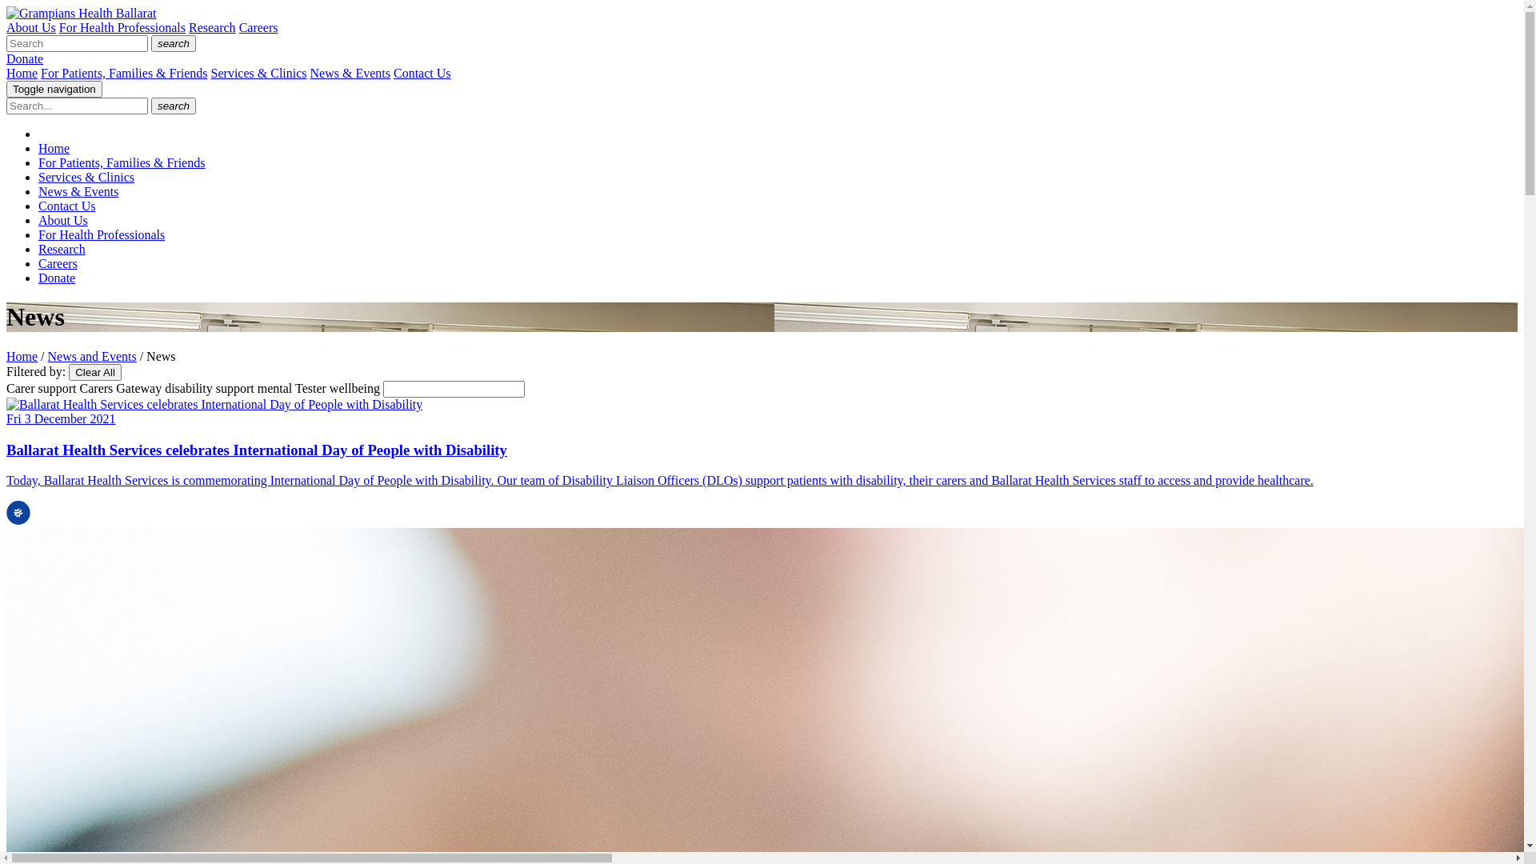  Describe the element at coordinates (54, 89) in the screenshot. I see `'Toggle navigation'` at that location.